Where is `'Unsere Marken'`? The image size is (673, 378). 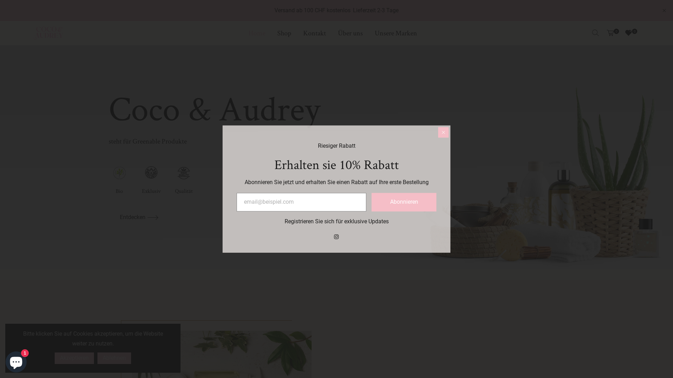 'Unsere Marken' is located at coordinates (369, 33).